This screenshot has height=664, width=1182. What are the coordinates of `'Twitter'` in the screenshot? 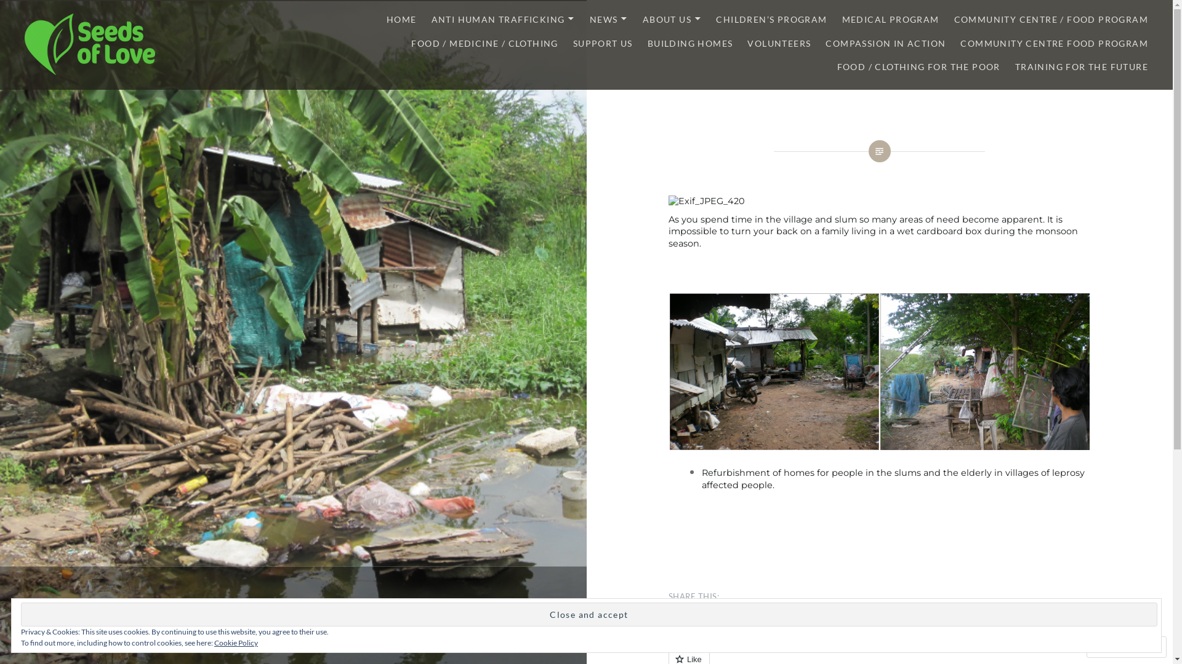 It's located at (667, 620).